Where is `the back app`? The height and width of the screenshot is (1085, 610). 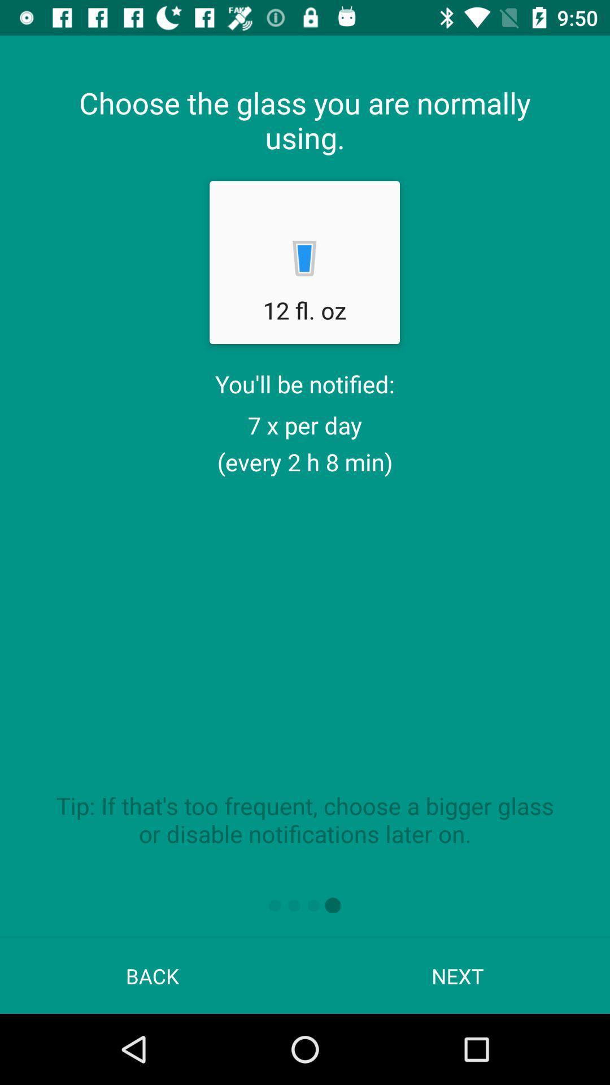 the back app is located at coordinates (152, 975).